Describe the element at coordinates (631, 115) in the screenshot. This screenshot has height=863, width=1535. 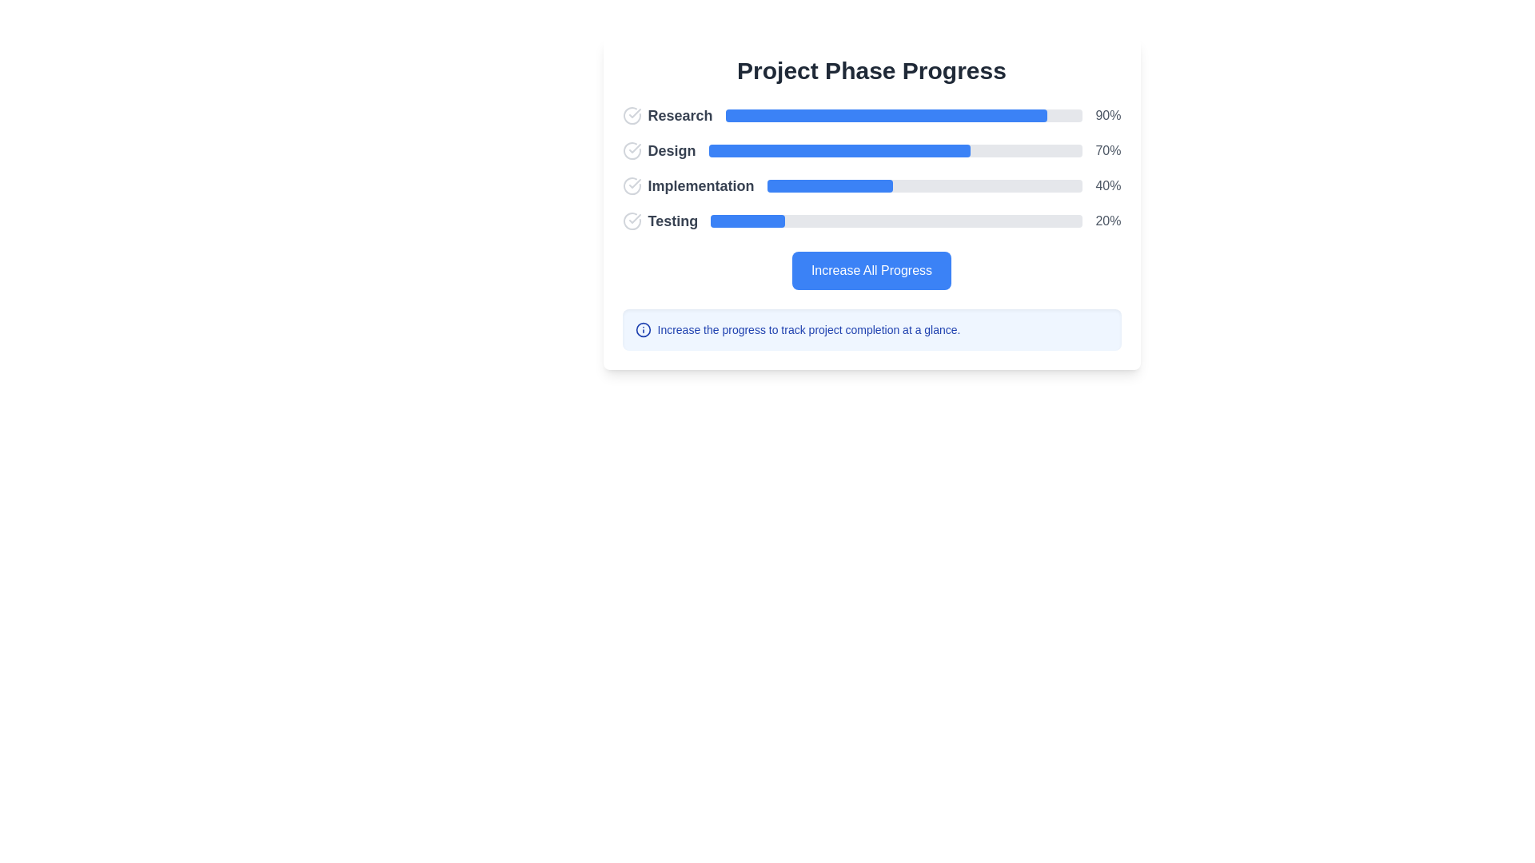
I see `the outer circle of the SVG icon representing the 'Research' row in the 'Project Phase Progress' interface` at that location.